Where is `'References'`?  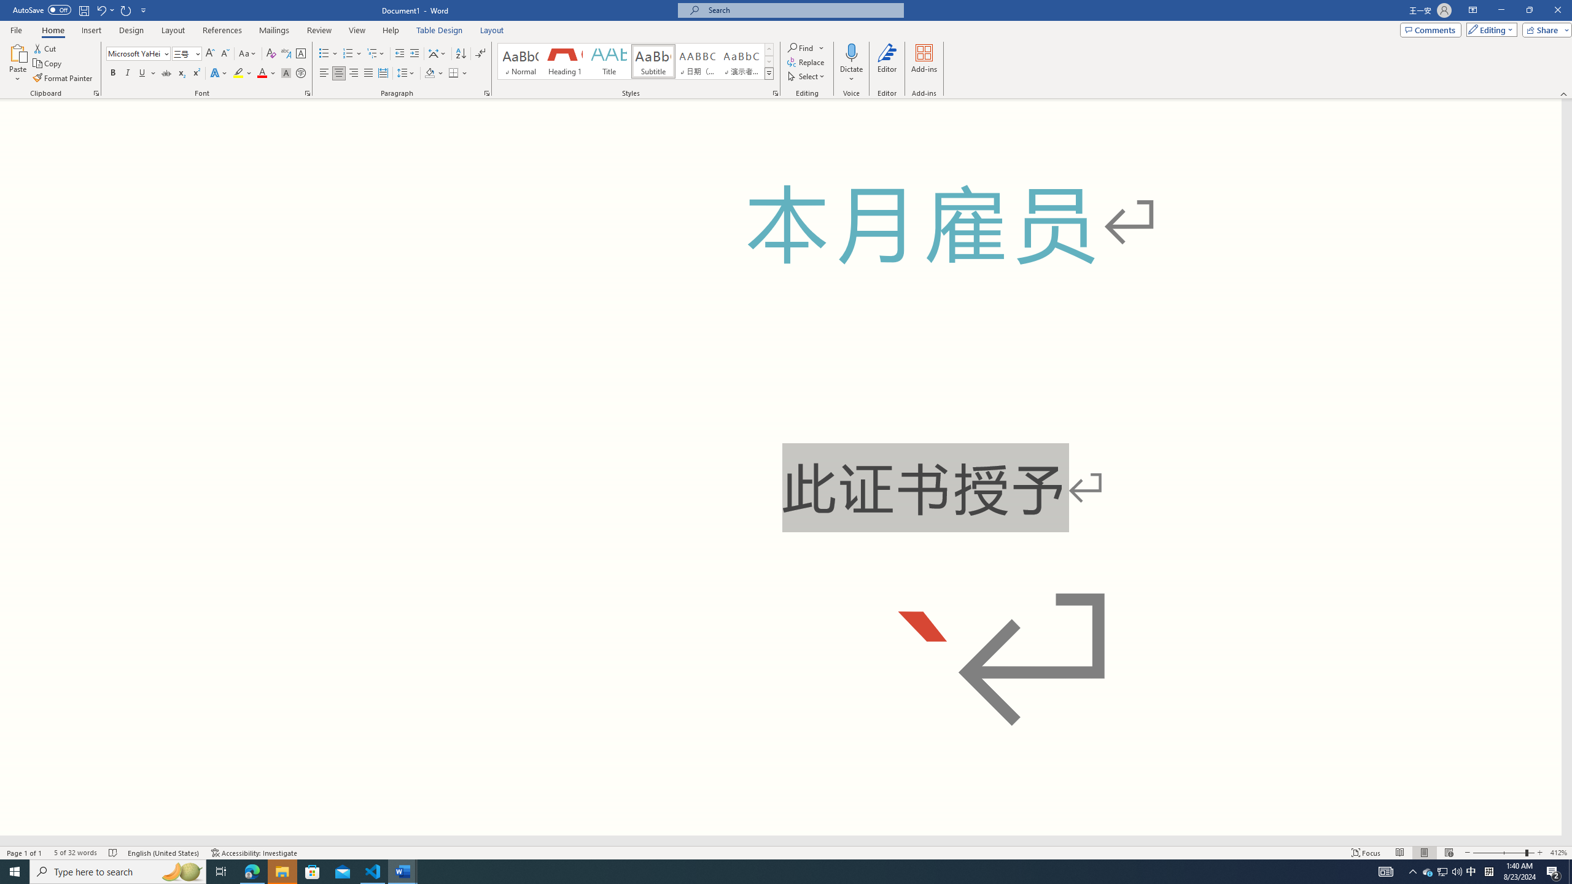 'References' is located at coordinates (222, 30).